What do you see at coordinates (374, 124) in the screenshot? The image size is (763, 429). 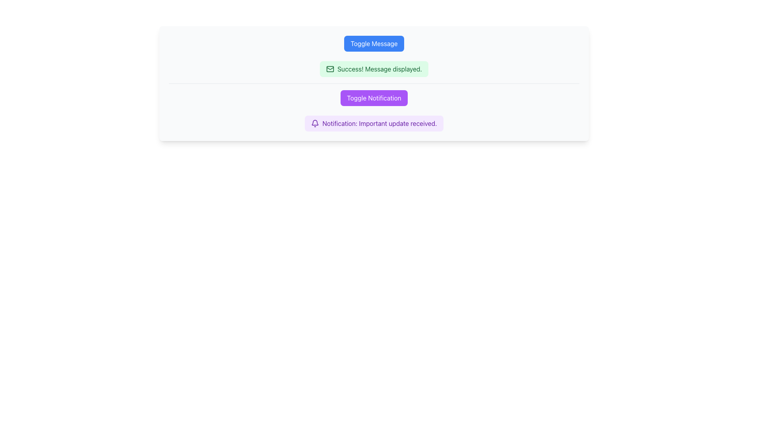 I see `the notification text that reads 'Notification: Important update received.' which is located in the light purple Notification Banner with rounded corners, positioned below the 'Toggle Notification' button` at bounding box center [374, 124].